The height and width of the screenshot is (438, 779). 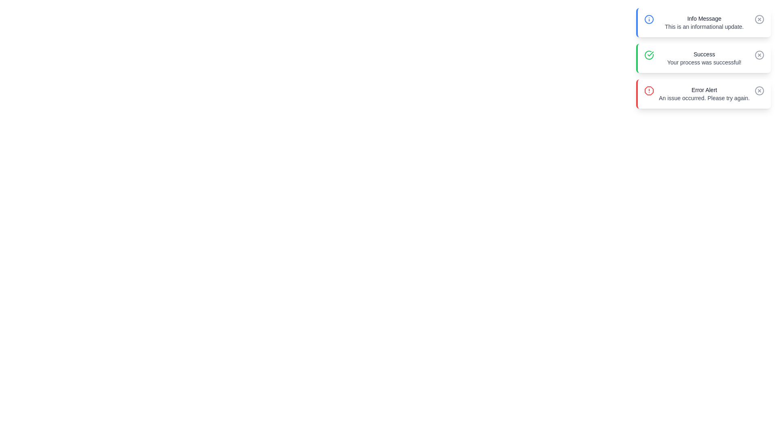 I want to click on the Text label that serves as the title for the informational message box, which is positioned at the top of the blue-highlighted box, so click(x=704, y=18).